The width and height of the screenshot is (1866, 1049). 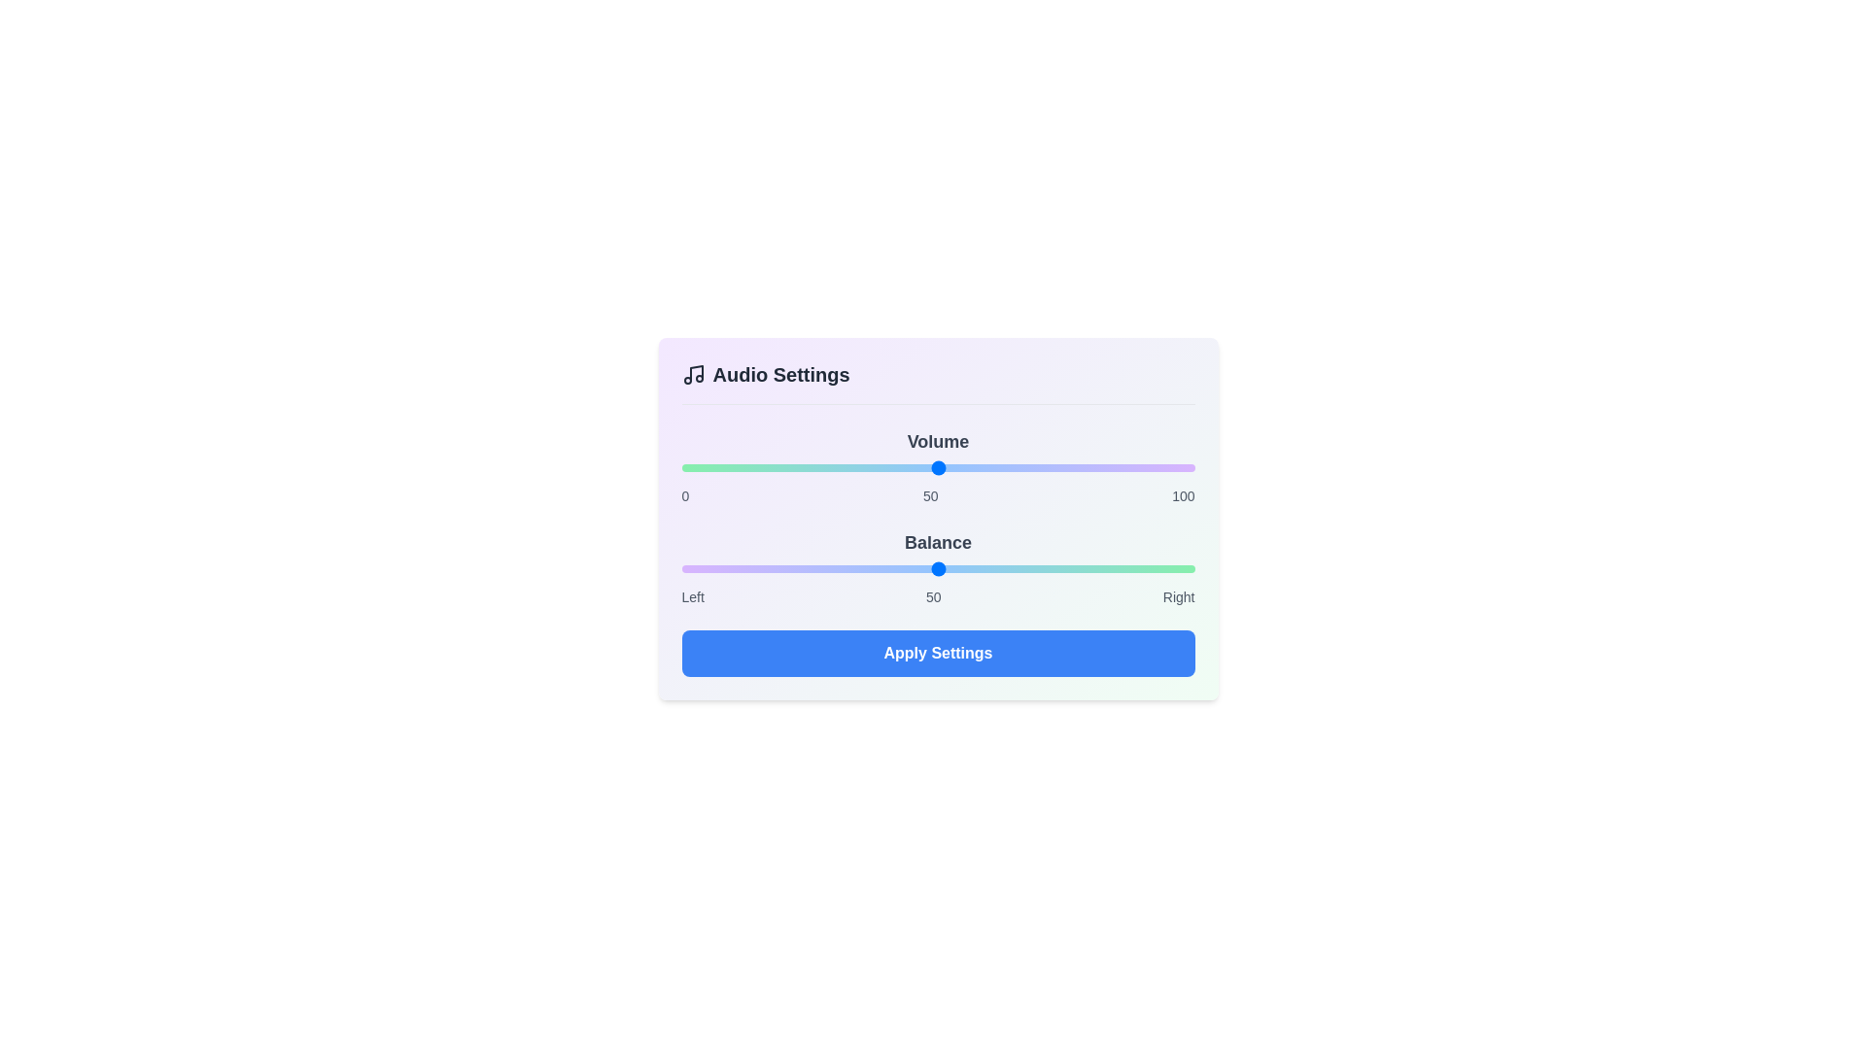 What do you see at coordinates (685, 494) in the screenshot?
I see `value displayed in the text label showing '0', which is located at the leftmost side of the numerical indicators below the 'Volume' slider in the 'Audio Settings' section` at bounding box center [685, 494].